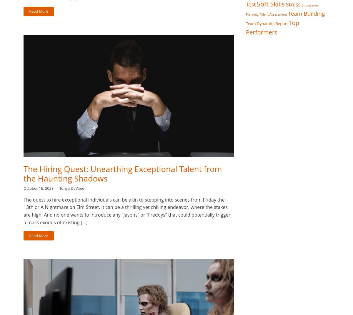  Describe the element at coordinates (71, 188) in the screenshot. I see `'Tonya DeVane'` at that location.